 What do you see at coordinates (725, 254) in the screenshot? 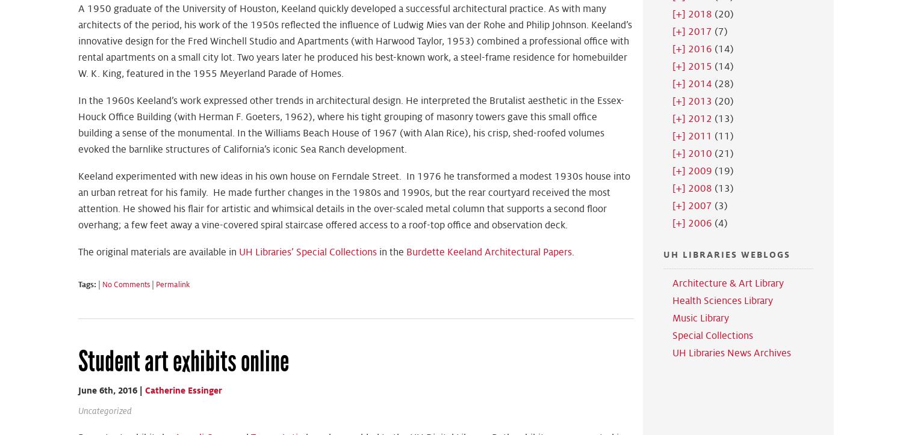
I see `'UH Libraries Weblogs'` at bounding box center [725, 254].